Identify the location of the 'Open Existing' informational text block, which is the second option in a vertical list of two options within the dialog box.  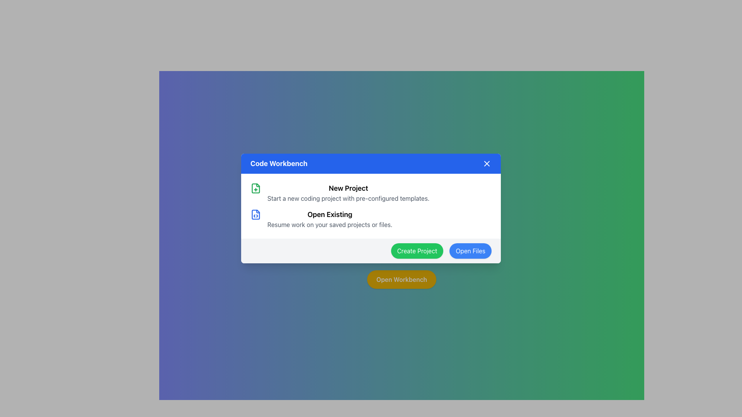
(330, 219).